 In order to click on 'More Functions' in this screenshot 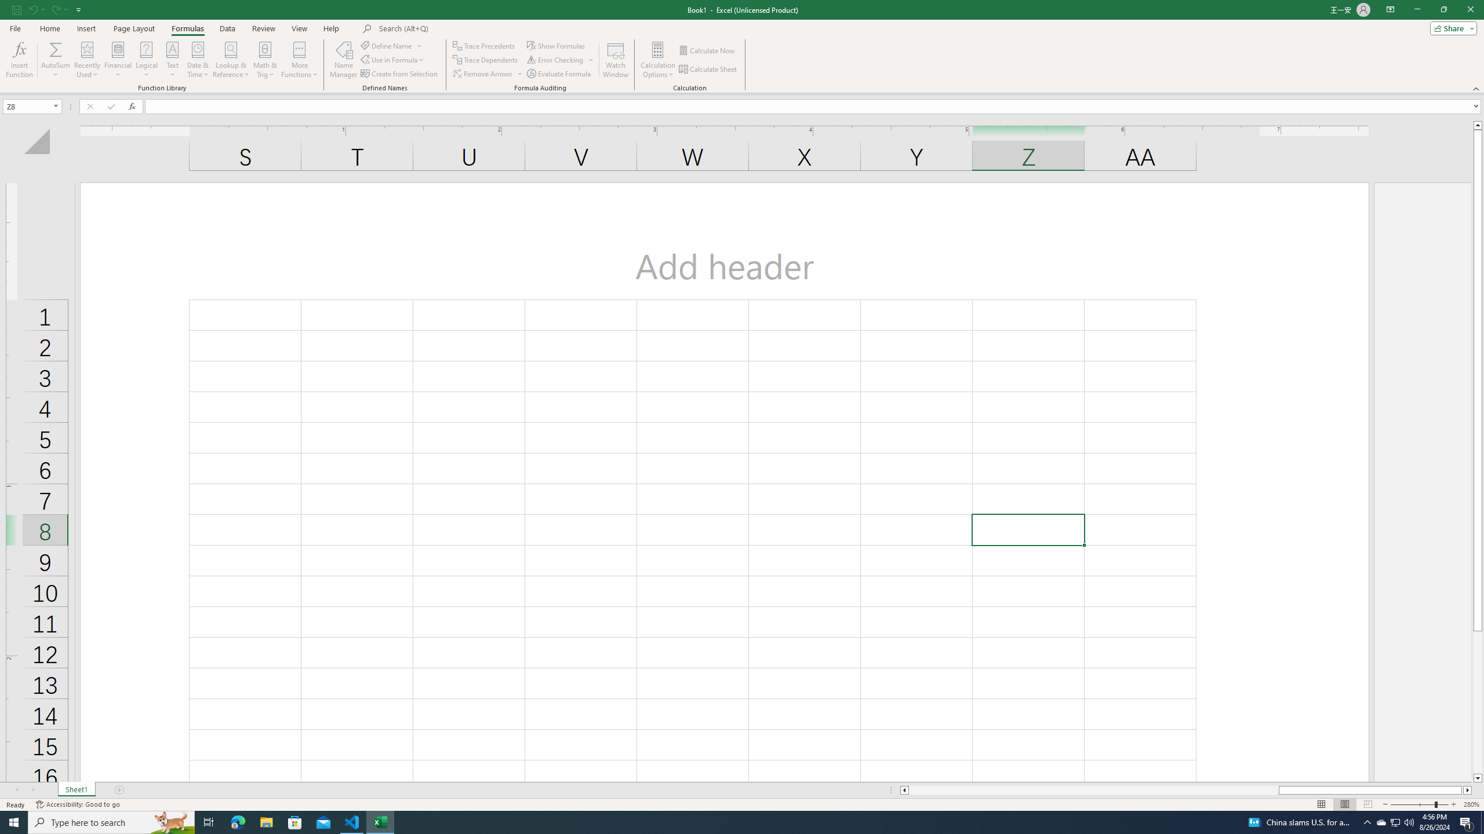, I will do `click(300, 60)`.